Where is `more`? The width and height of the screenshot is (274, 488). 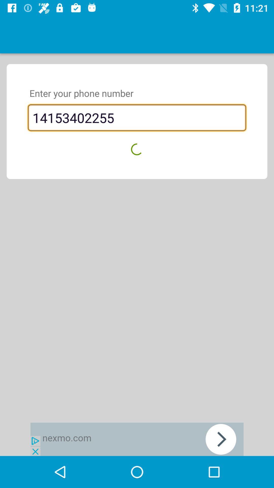
more is located at coordinates (137, 439).